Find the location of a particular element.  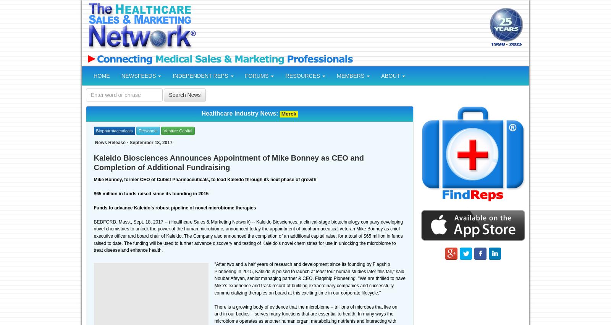

'Funds to advance Kaleido's robust pipeline of novel microbiome therapies' is located at coordinates (174, 208).